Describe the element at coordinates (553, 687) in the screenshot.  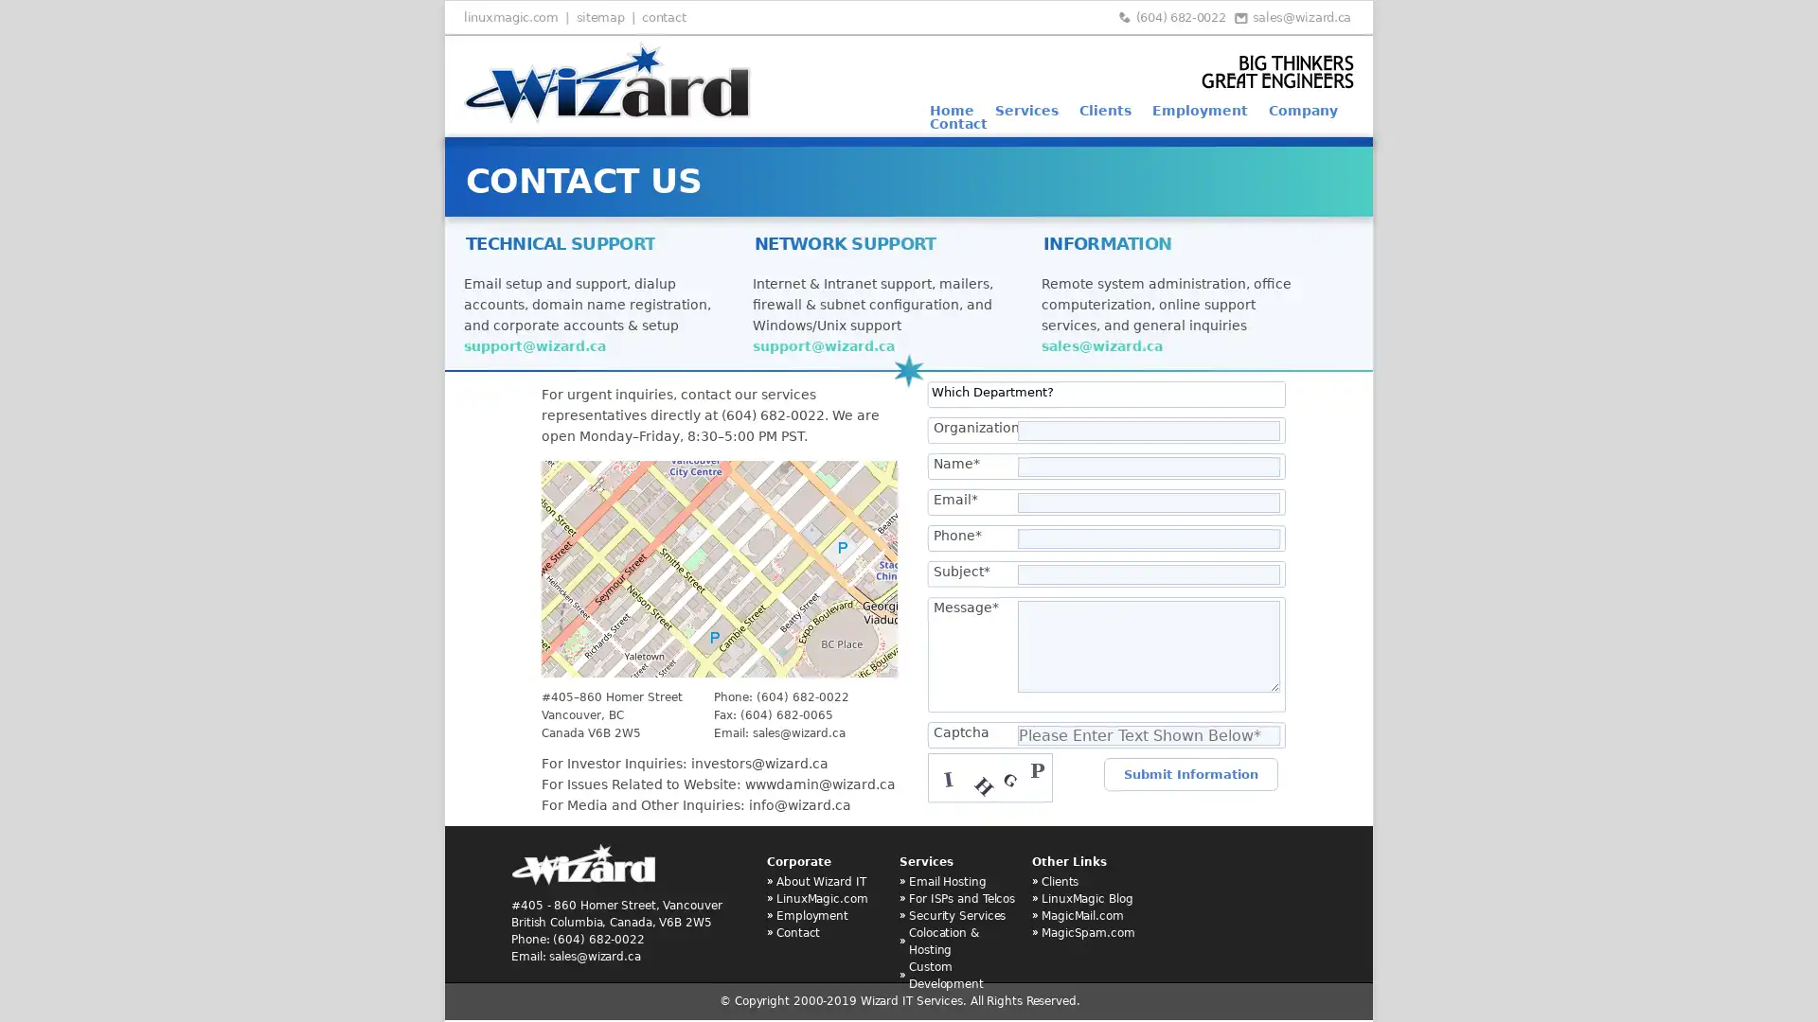
I see `+` at that location.